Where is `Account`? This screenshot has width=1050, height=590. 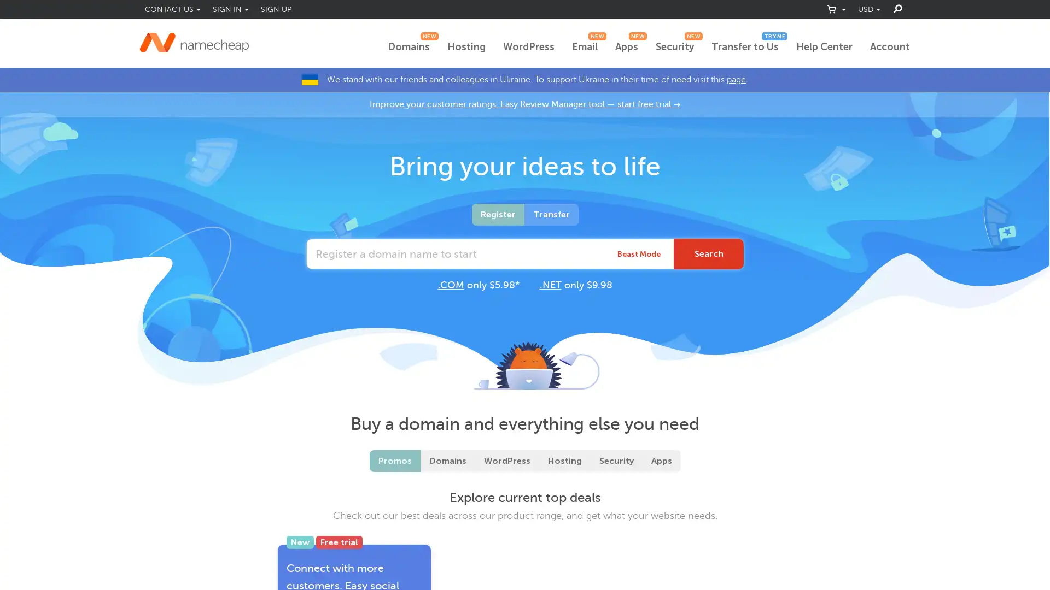 Account is located at coordinates (890, 47).